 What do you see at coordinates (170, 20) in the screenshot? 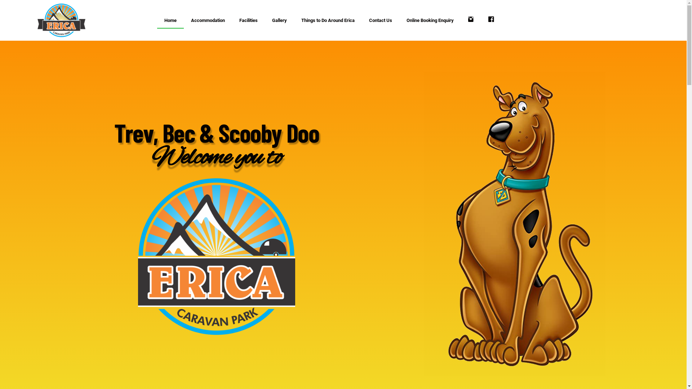
I see `'Home'` at bounding box center [170, 20].